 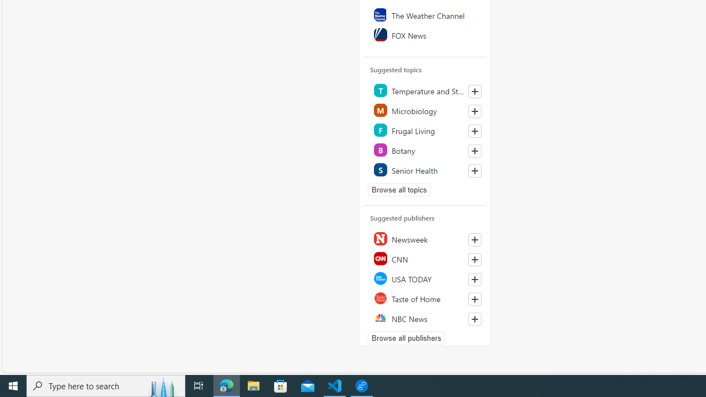 I want to click on 'Newsweek', so click(x=425, y=238).